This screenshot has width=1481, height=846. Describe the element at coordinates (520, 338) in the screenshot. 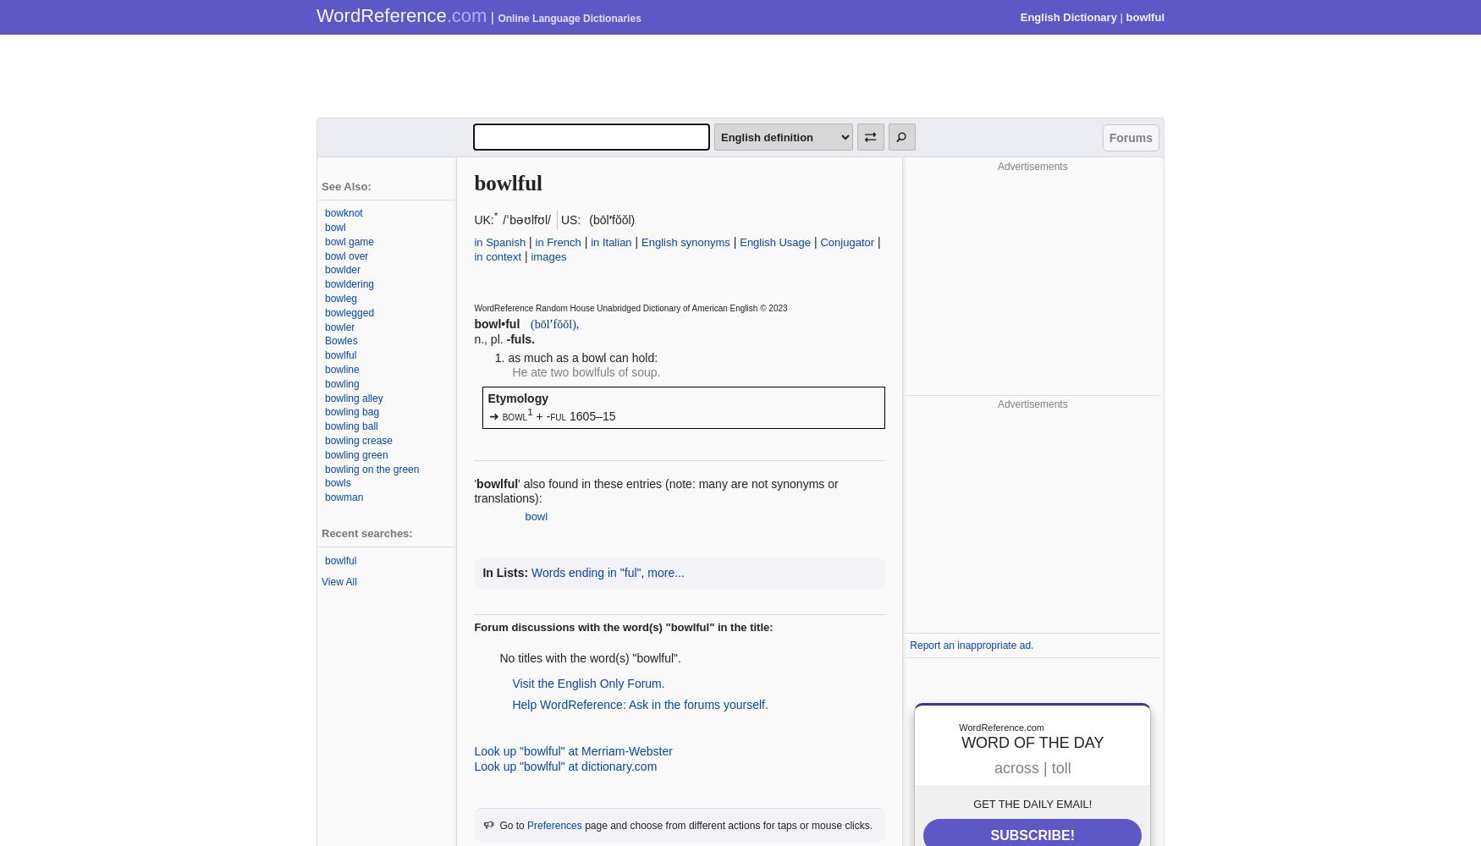

I see `'-fuls.'` at that location.